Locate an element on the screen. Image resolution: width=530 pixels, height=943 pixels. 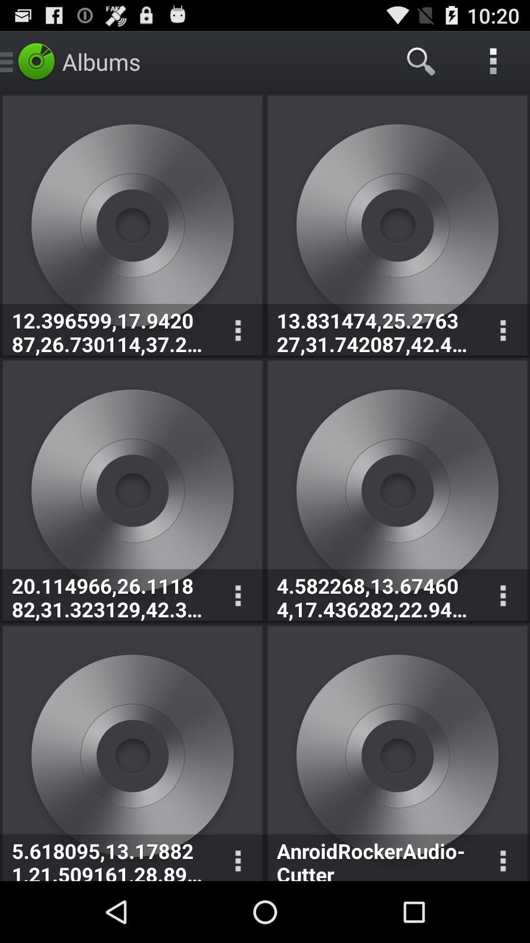
options is located at coordinates (503, 331).